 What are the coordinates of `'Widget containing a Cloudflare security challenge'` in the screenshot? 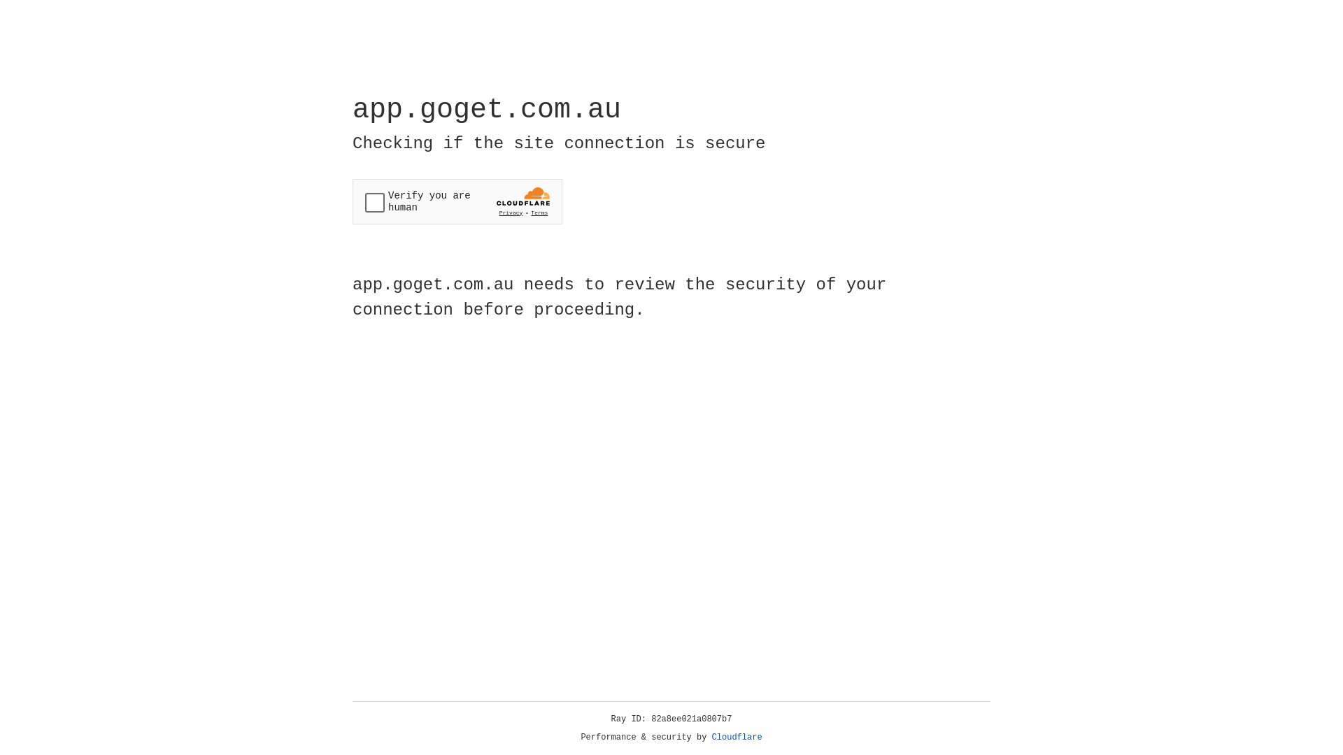 It's located at (457, 201).